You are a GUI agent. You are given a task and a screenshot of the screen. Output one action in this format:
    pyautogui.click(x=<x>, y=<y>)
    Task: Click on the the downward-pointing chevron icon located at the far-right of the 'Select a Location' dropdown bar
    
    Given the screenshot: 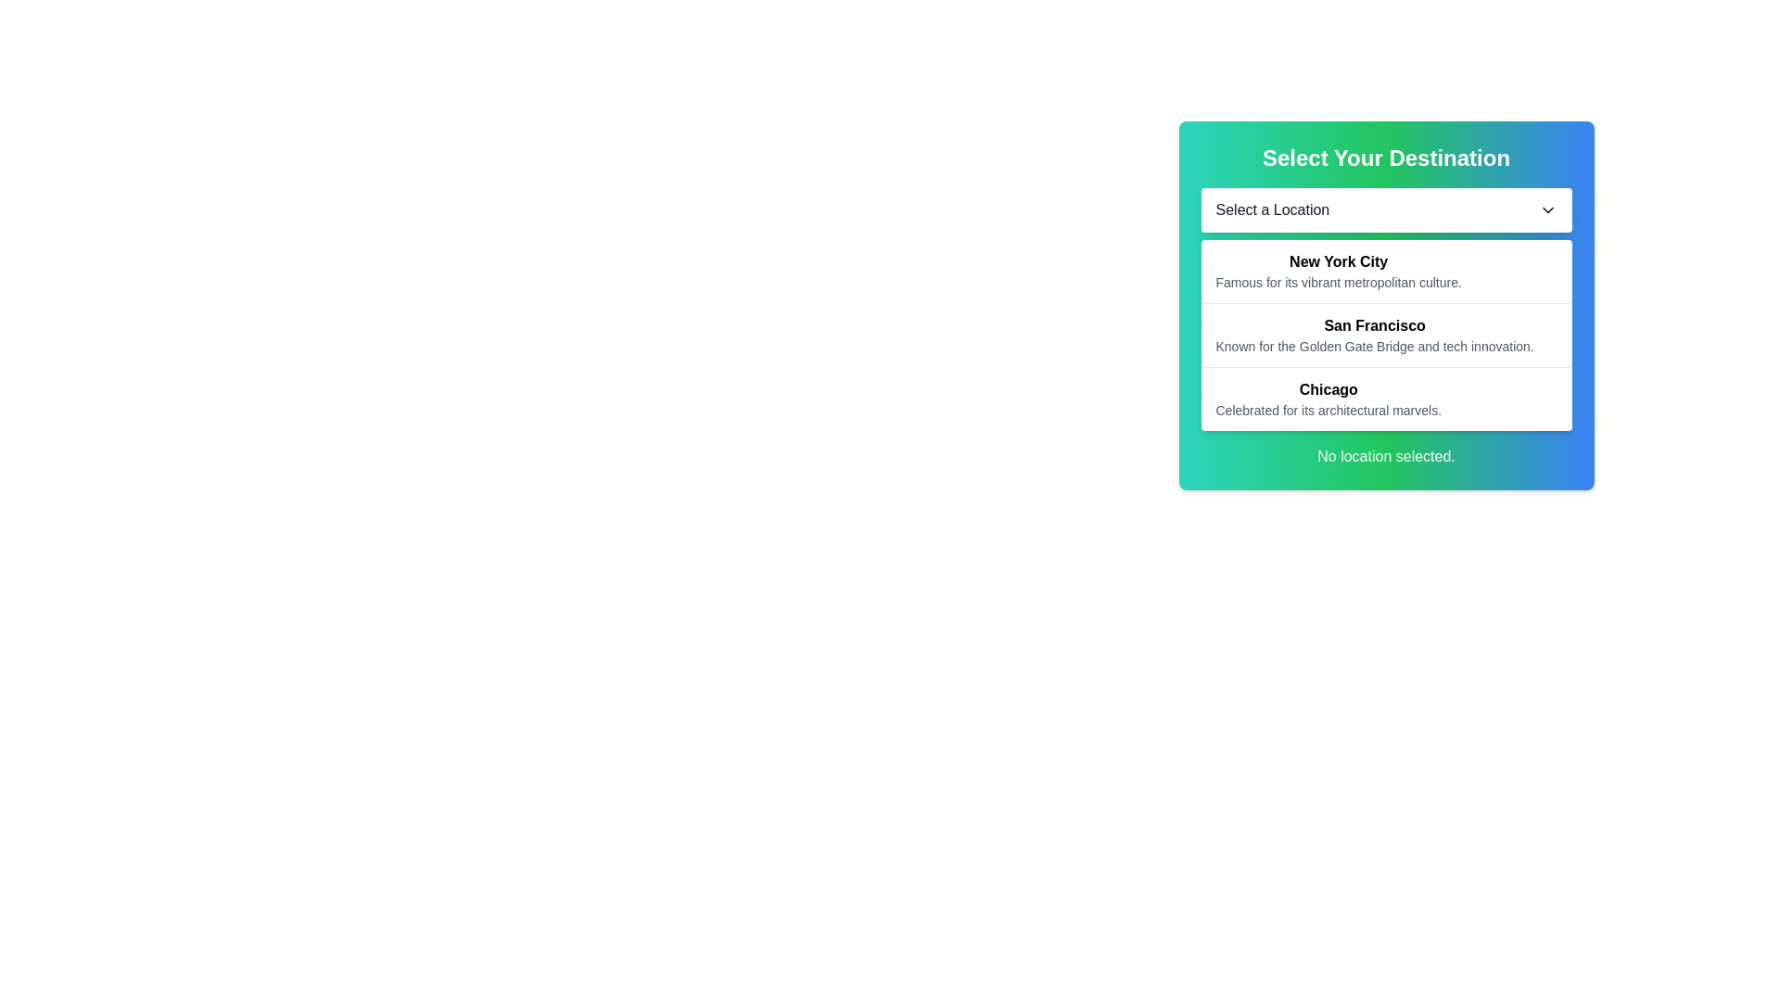 What is the action you would take?
    pyautogui.click(x=1547, y=209)
    